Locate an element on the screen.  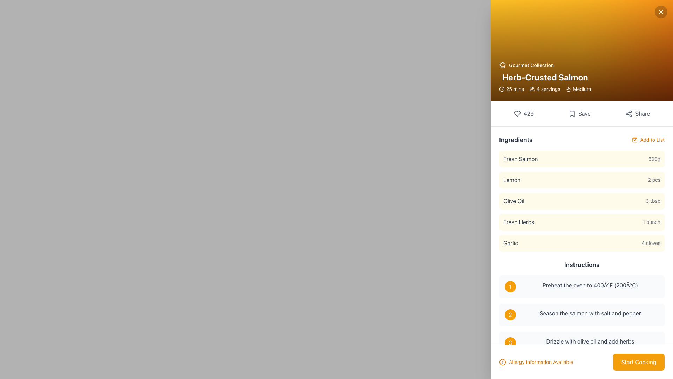
instructional text block indicating the third step in the recipe instructions, located in the center of the right-side panel under the 'Instructions' section is located at coordinates (582, 342).